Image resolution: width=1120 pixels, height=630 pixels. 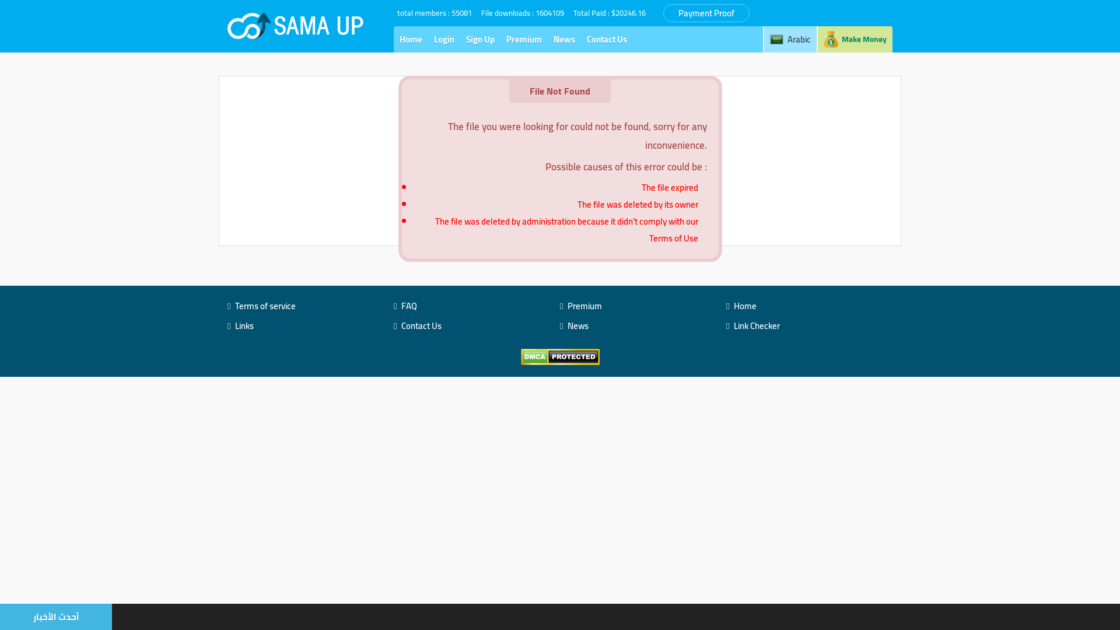 What do you see at coordinates (411, 38) in the screenshot?
I see `'Home'` at bounding box center [411, 38].